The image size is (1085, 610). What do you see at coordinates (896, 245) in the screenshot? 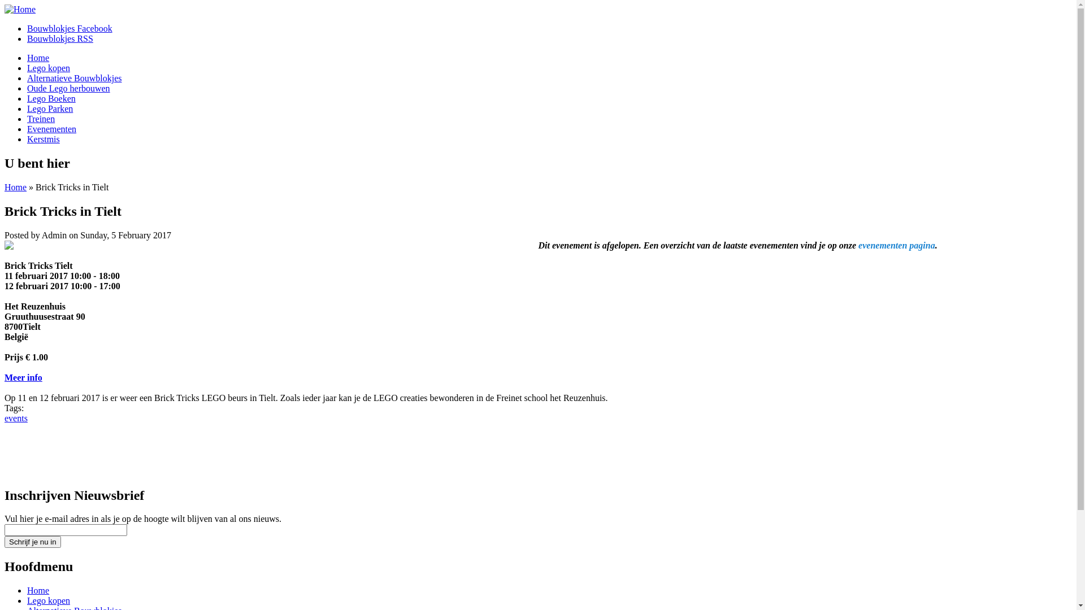
I see `'evenementen pagina'` at bounding box center [896, 245].